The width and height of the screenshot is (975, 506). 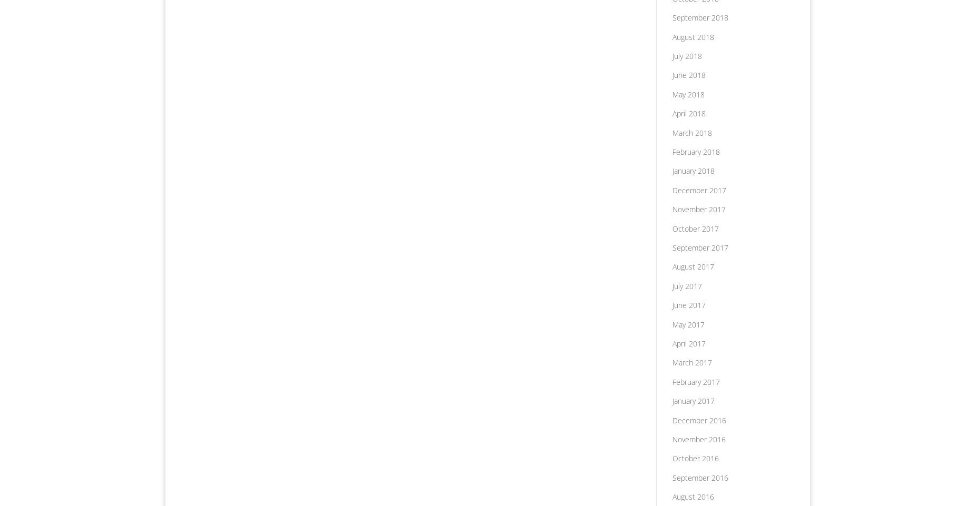 I want to click on 'May 2017', so click(x=687, y=324).